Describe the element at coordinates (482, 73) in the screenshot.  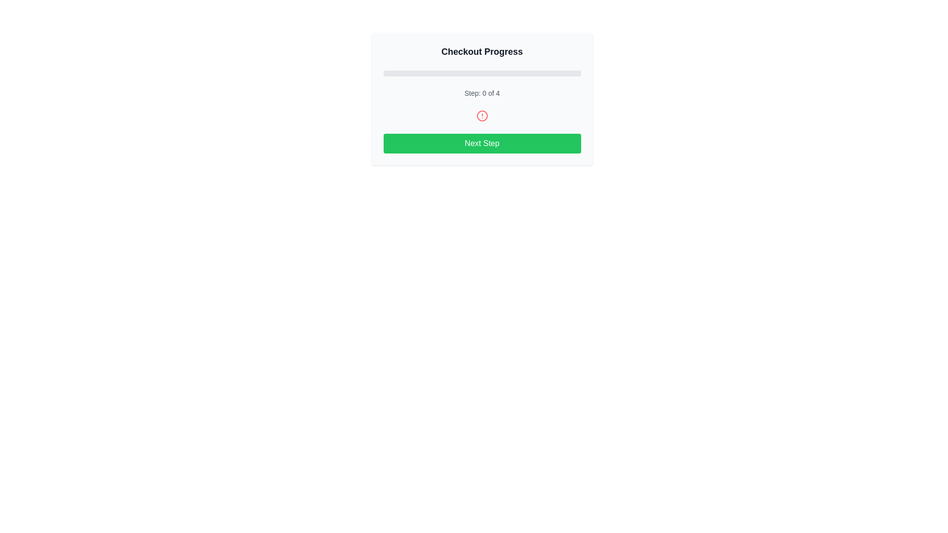
I see `progress bar located below the 'Checkout Progress' heading and above the 'Step: 0 of 4' text, which is currently at zero percent` at that location.